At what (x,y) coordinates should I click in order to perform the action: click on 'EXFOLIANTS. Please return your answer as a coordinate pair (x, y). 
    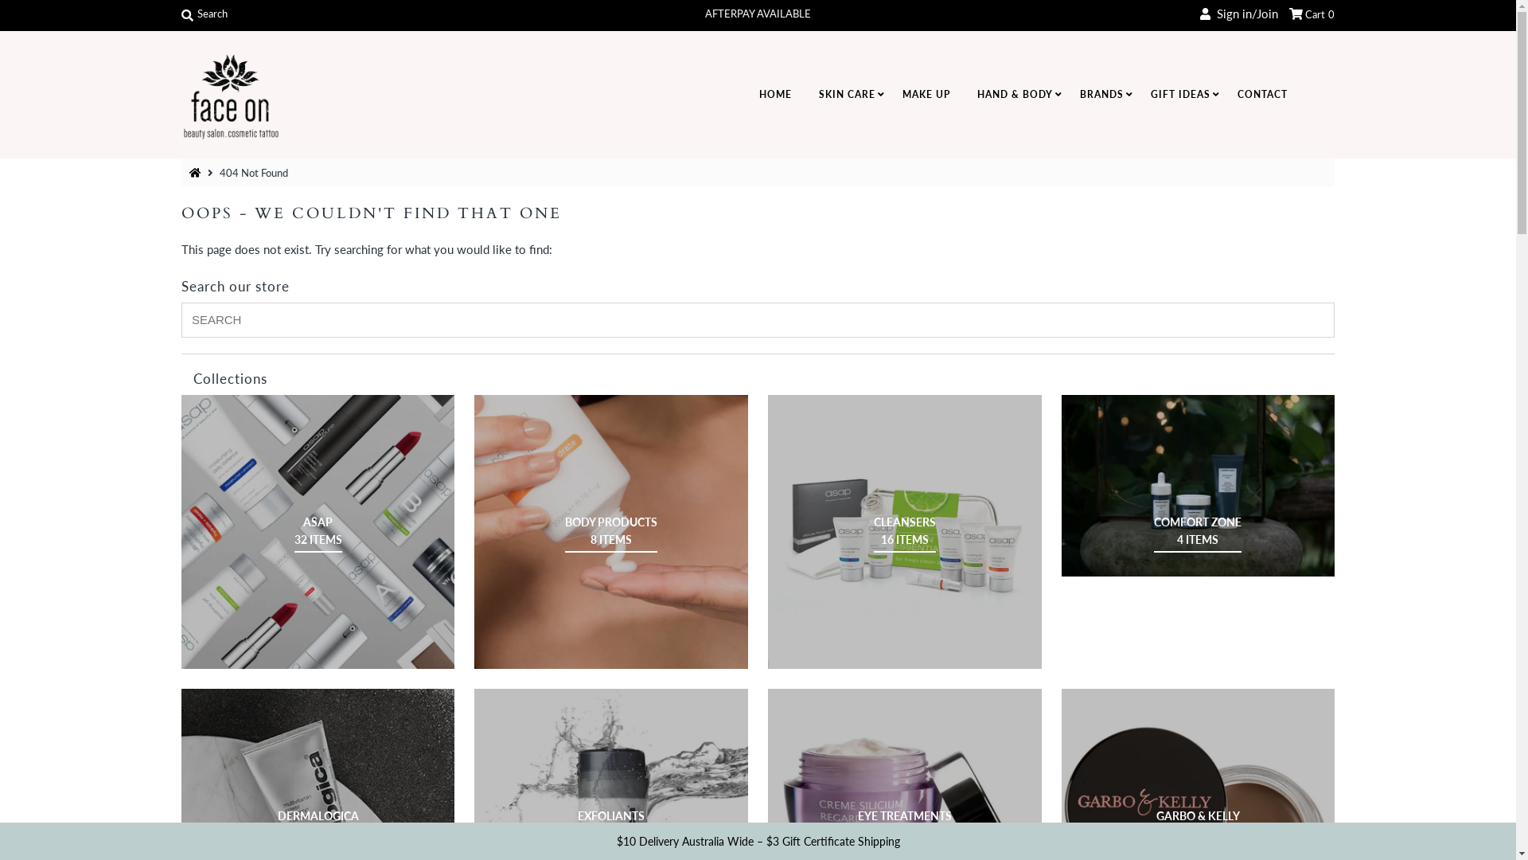
    Looking at the image, I should click on (576, 824).